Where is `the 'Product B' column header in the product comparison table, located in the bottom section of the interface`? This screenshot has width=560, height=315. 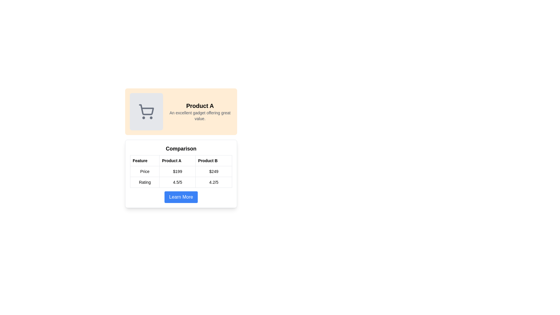 the 'Product B' column header in the product comparison table, located in the bottom section of the interface is located at coordinates (213, 161).